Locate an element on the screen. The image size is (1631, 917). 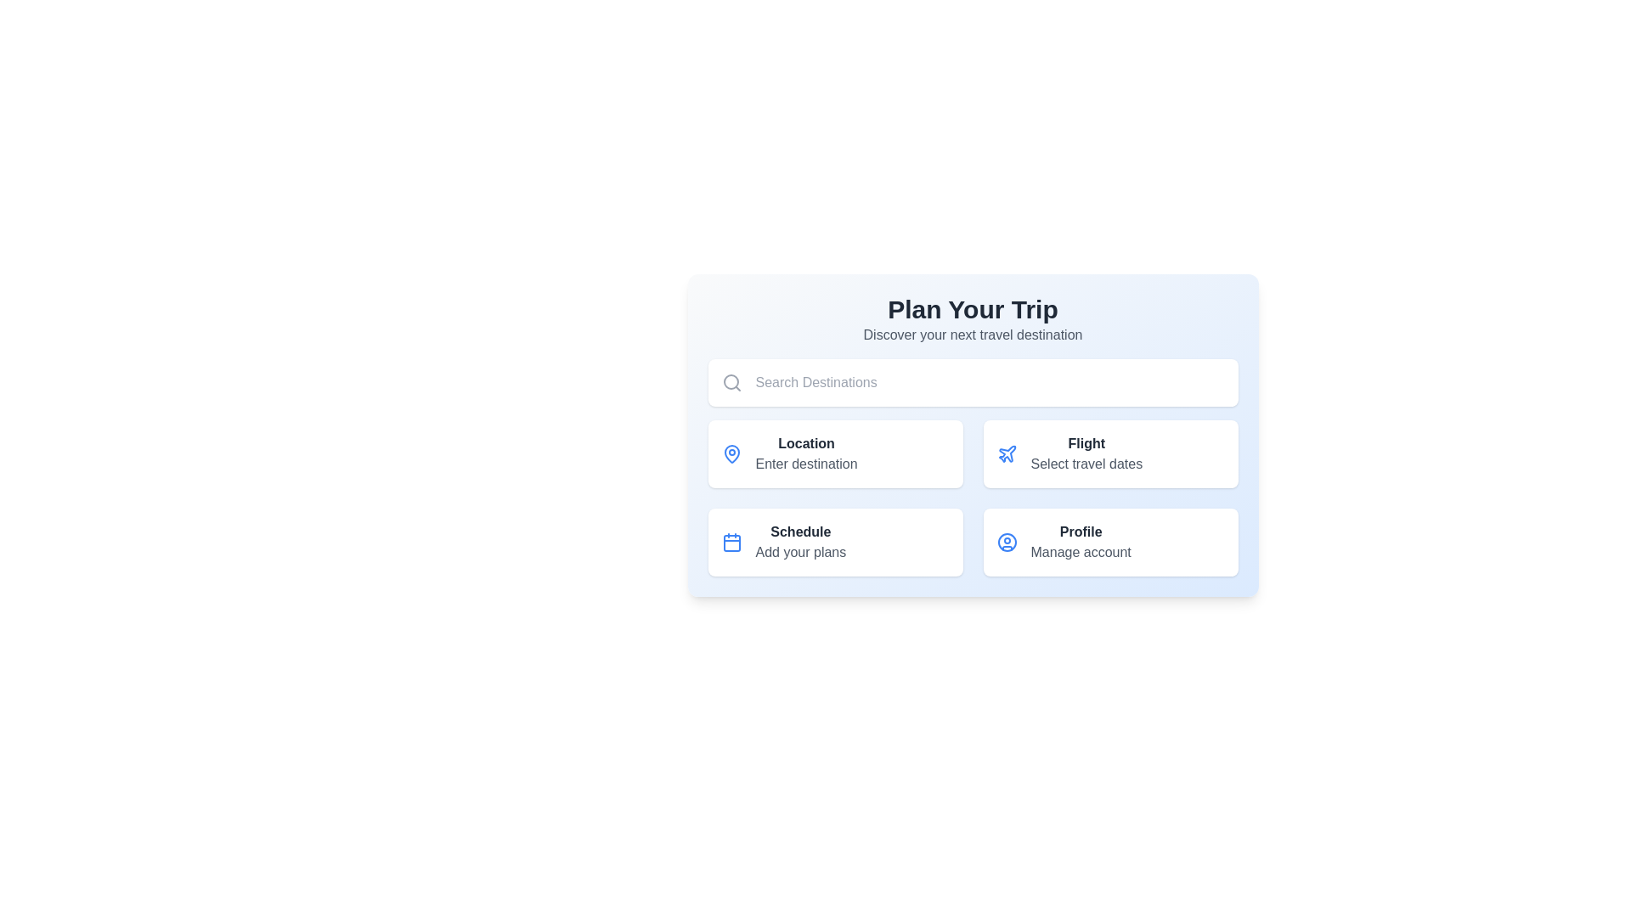
the text label displaying 'Manage account', which is styled in gray and positioned below the 'Profile' section label is located at coordinates (1080, 553).